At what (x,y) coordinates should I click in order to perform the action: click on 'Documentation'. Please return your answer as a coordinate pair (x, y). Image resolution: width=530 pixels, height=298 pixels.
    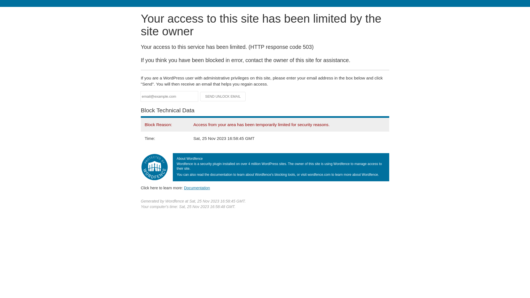
    Looking at the image, I should click on (197, 188).